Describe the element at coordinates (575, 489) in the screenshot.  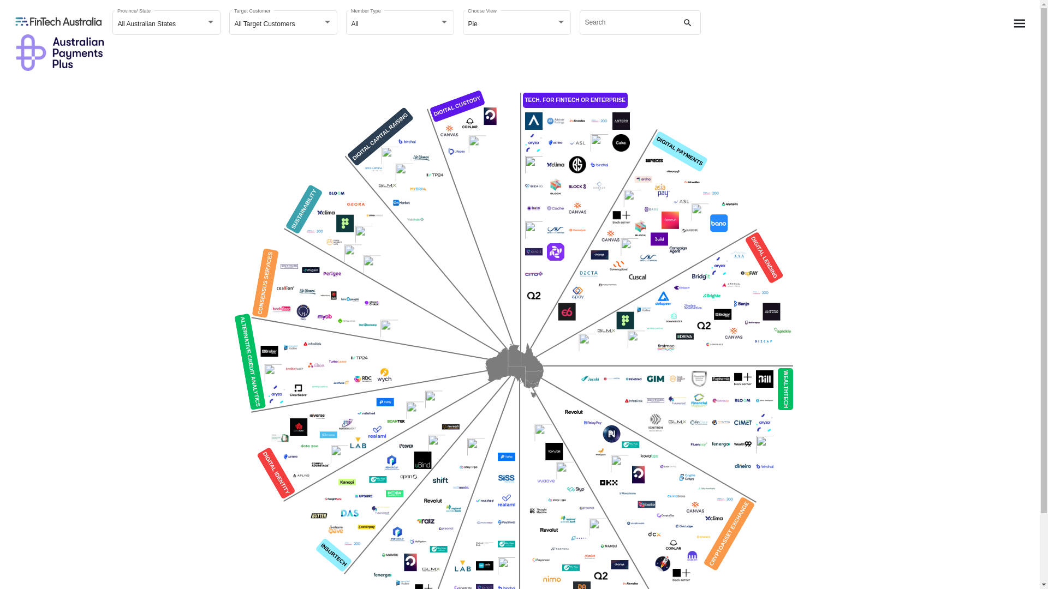
I see `'Slyp'` at that location.